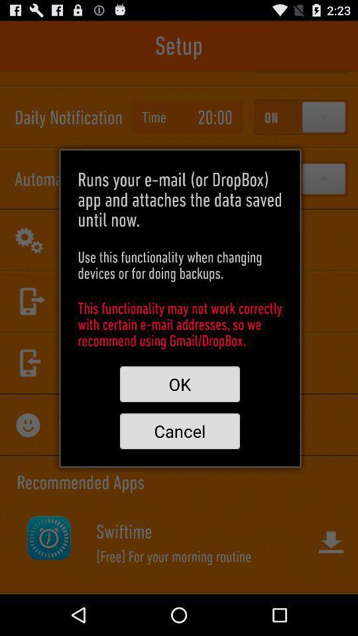 Image resolution: width=358 pixels, height=636 pixels. I want to click on the cancel icon, so click(179, 430).